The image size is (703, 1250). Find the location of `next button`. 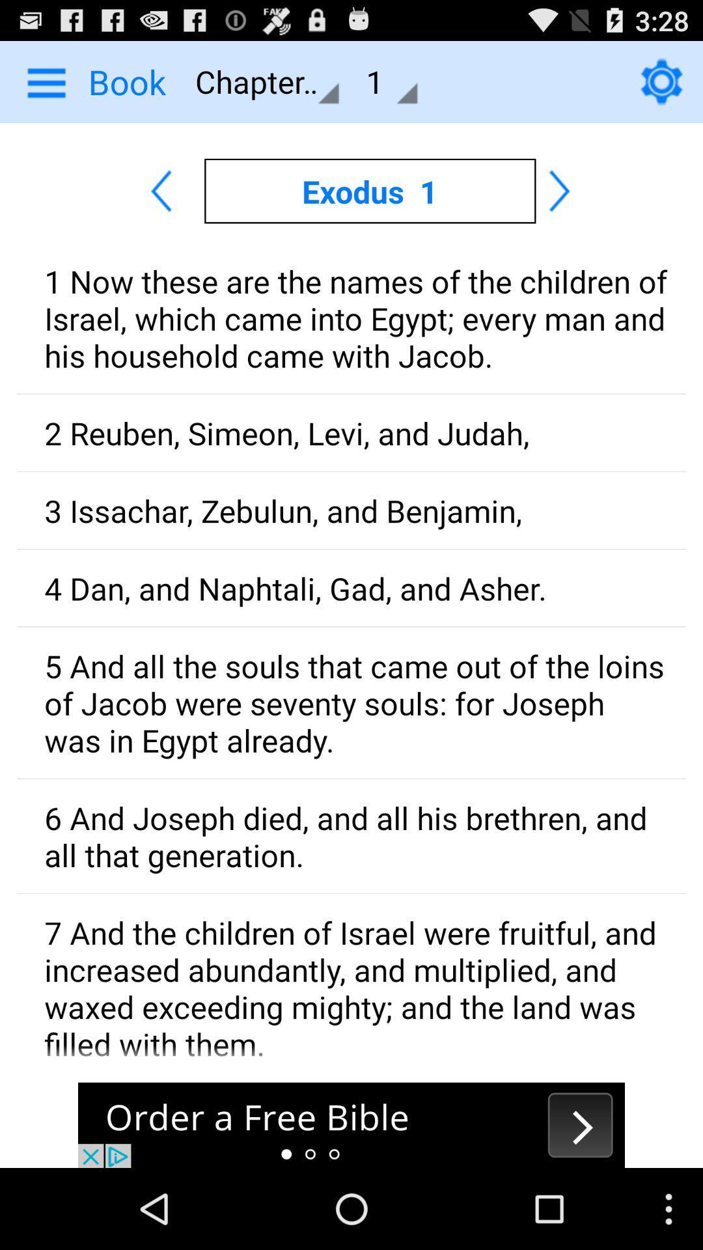

next button is located at coordinates (351, 1124).